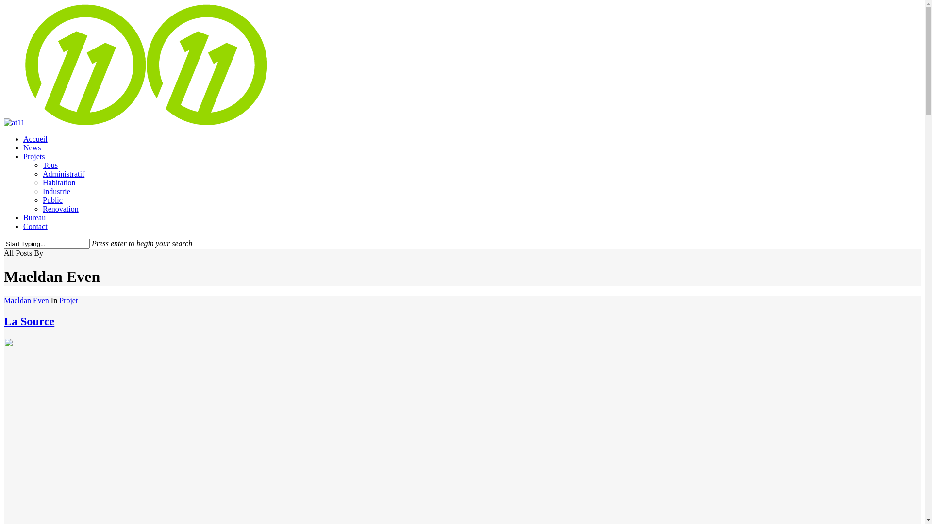 The width and height of the screenshot is (932, 524). I want to click on 'Administratif', so click(63, 173).